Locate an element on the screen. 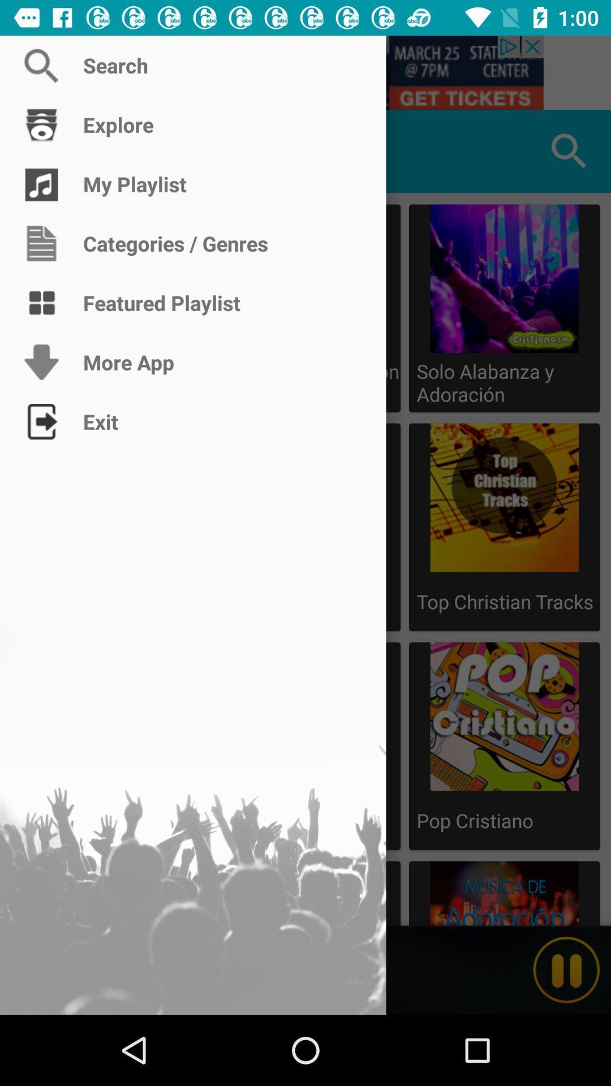  review available music is located at coordinates (41, 150).